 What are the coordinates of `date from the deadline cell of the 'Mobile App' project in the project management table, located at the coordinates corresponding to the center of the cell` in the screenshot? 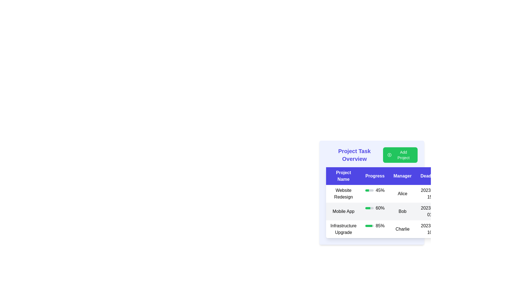 It's located at (429, 211).